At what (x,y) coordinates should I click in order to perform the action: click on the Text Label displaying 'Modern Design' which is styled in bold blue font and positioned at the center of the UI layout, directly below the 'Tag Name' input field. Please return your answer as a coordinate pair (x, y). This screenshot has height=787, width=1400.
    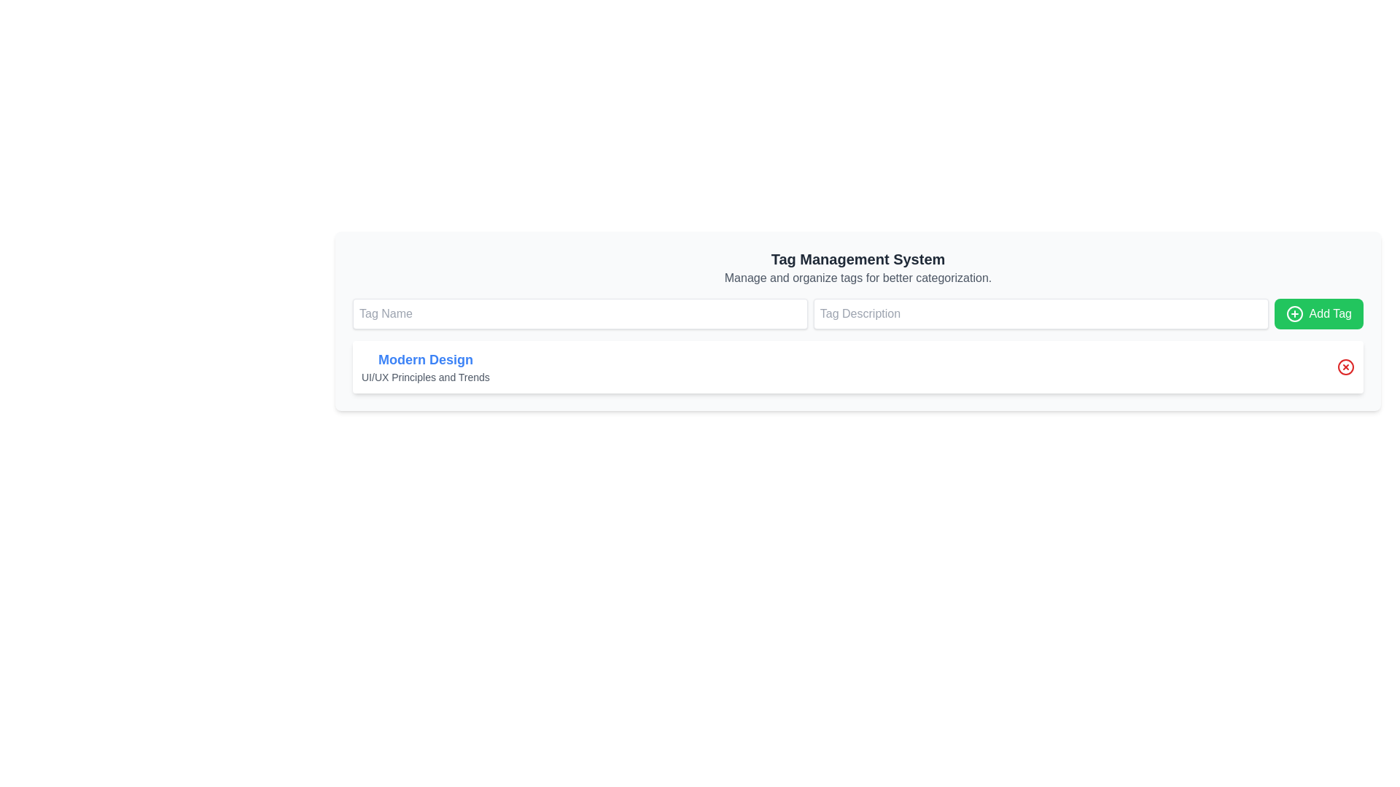
    Looking at the image, I should click on (424, 359).